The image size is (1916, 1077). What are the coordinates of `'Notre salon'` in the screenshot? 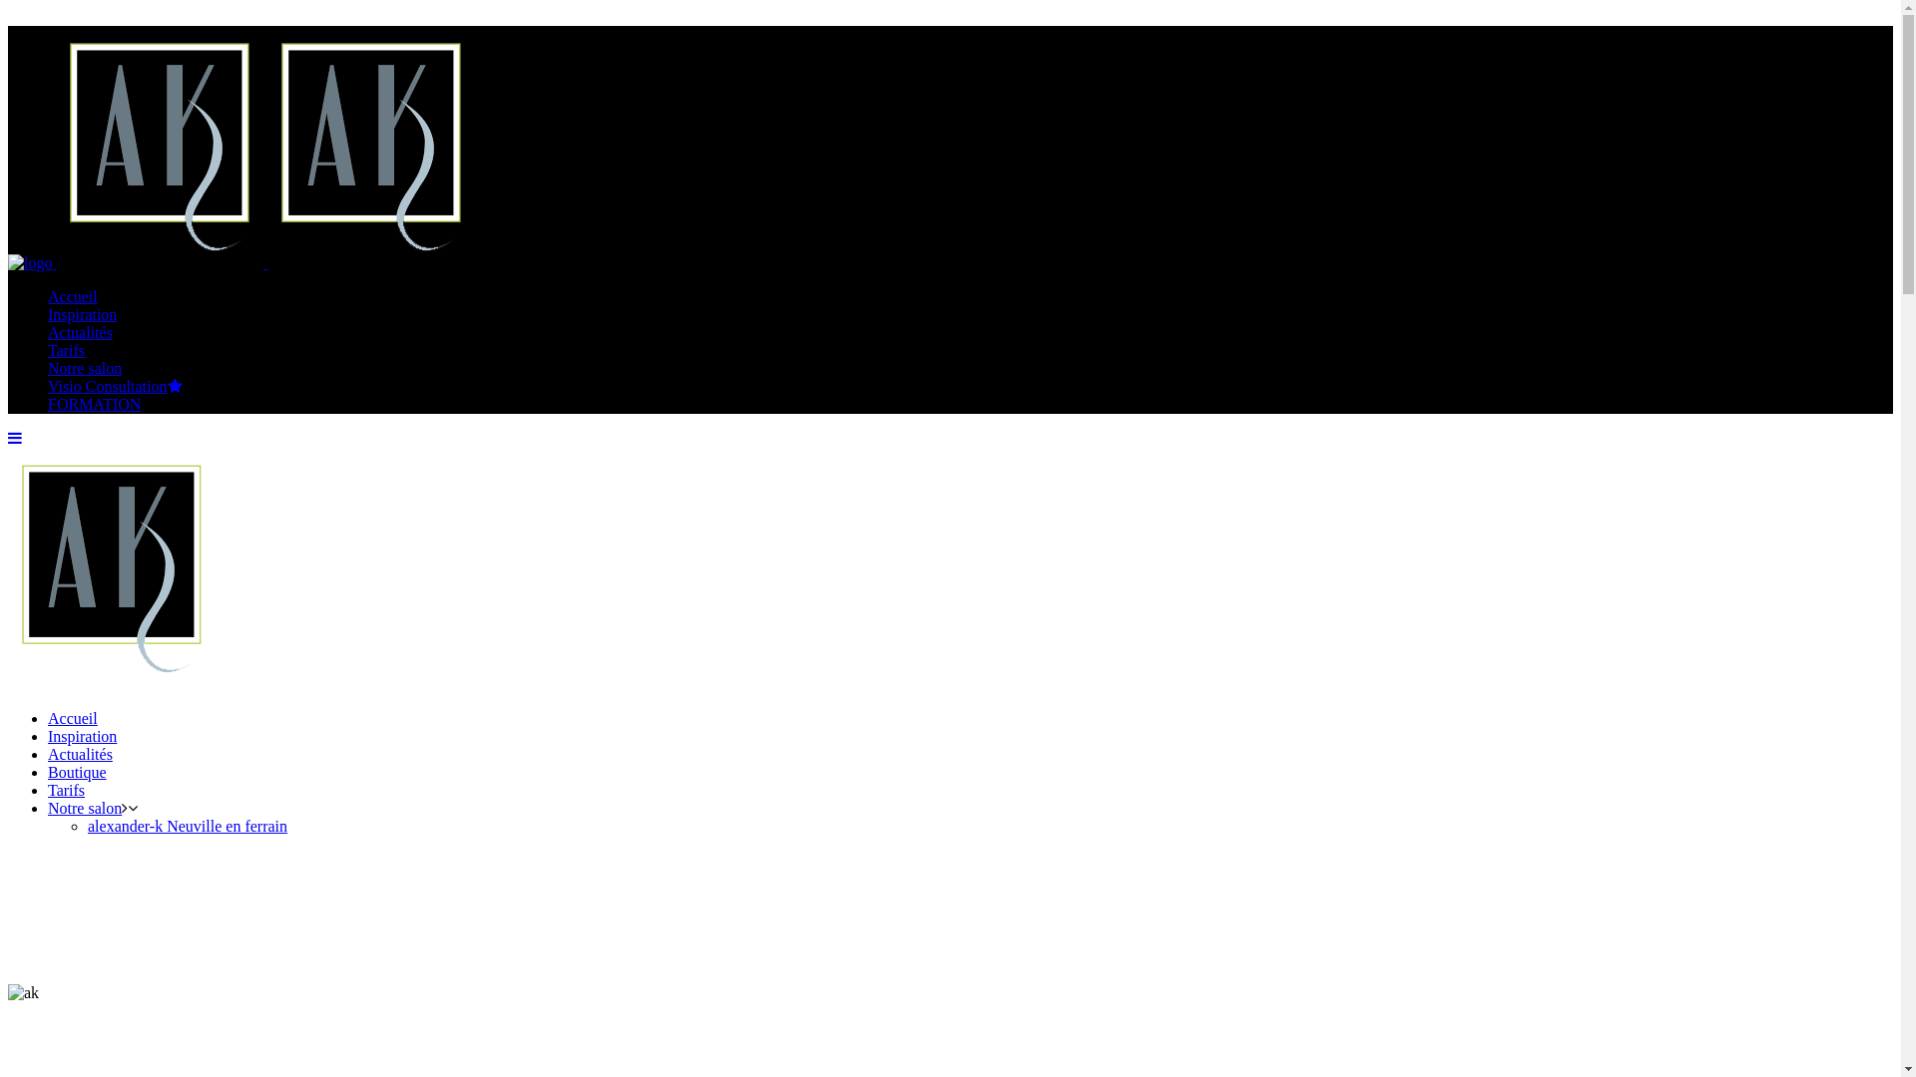 It's located at (84, 368).